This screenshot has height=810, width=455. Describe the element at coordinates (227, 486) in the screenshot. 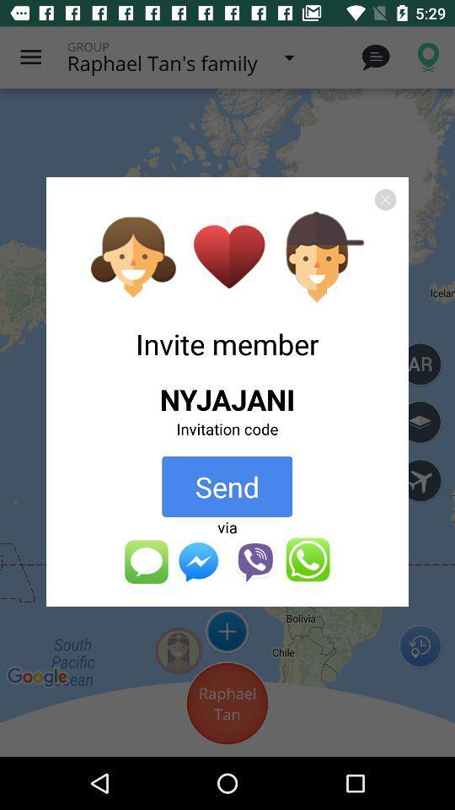

I see `send item` at that location.